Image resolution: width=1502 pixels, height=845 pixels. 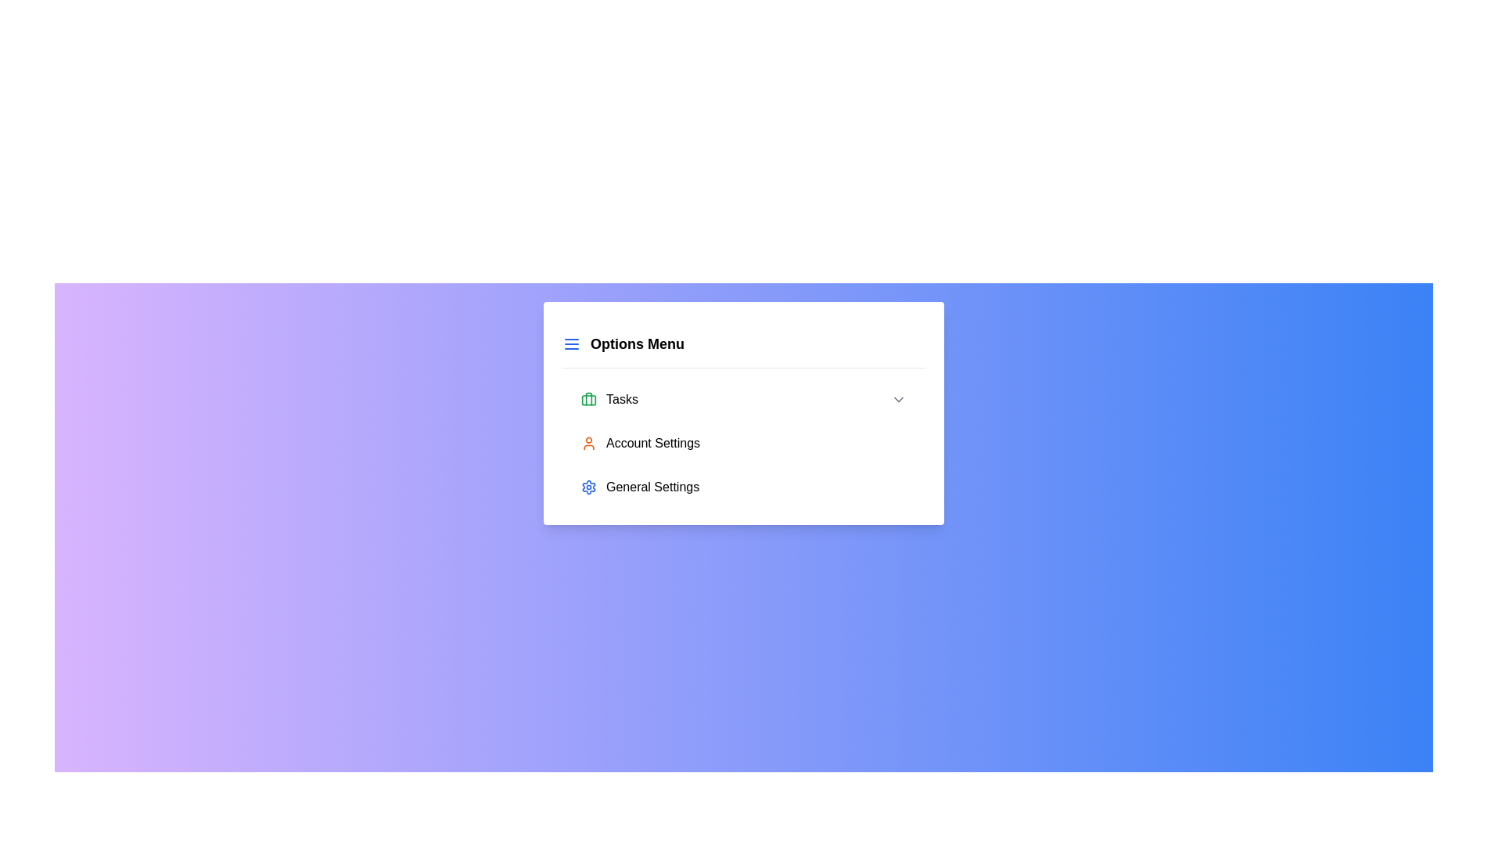 I want to click on the orange user silhouette icon located to the left of the 'Account Settings' text, so click(x=588, y=444).